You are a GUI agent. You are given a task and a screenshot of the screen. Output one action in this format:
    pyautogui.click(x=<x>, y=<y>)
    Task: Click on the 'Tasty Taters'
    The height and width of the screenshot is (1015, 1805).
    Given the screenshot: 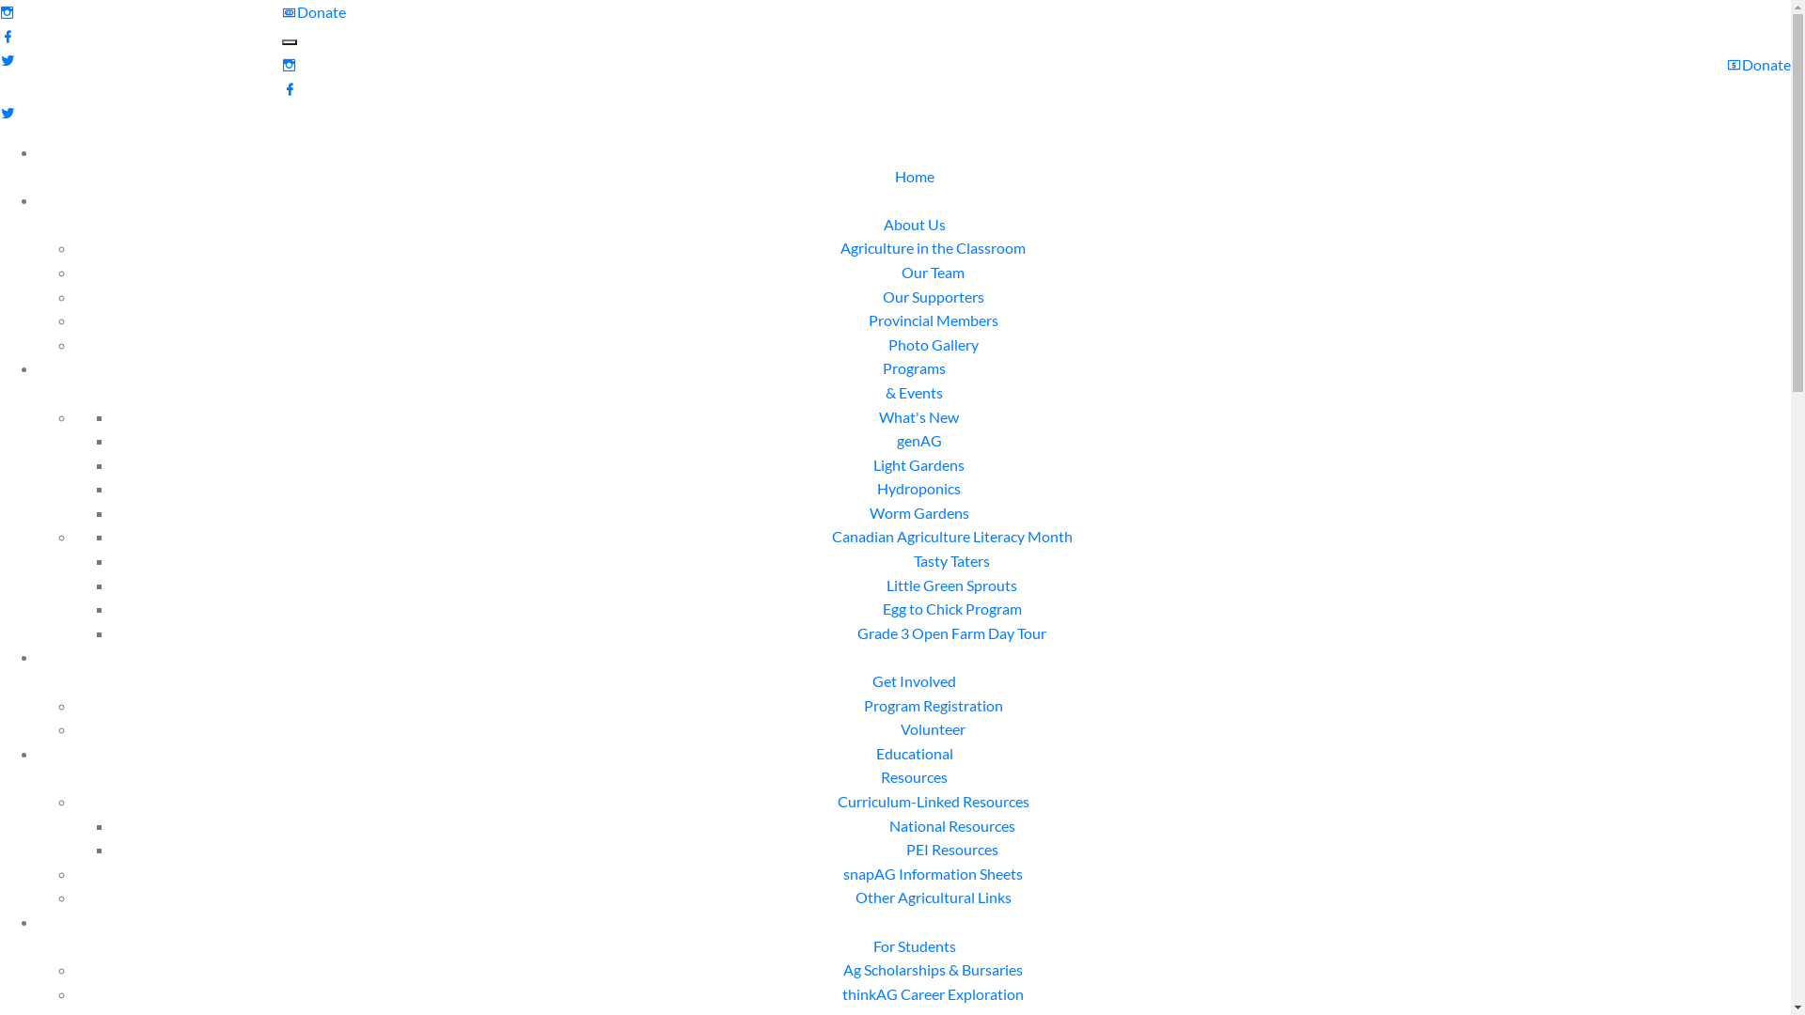 What is the action you would take?
    pyautogui.click(x=951, y=559)
    